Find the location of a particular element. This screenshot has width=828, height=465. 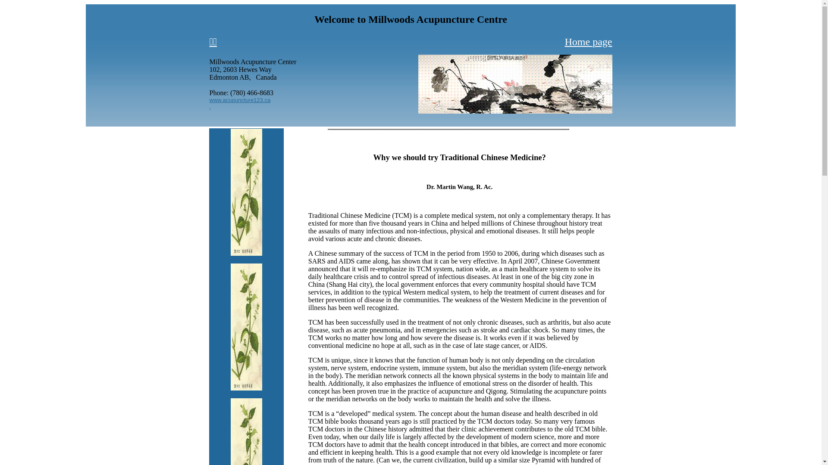

'www.acupuncture123.ca' is located at coordinates (240, 99).